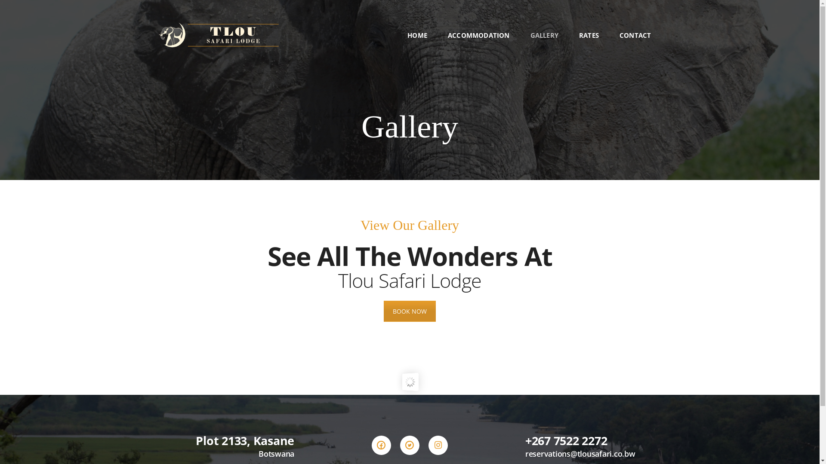 The image size is (826, 464). I want to click on 'BOOK NOW', so click(409, 311).